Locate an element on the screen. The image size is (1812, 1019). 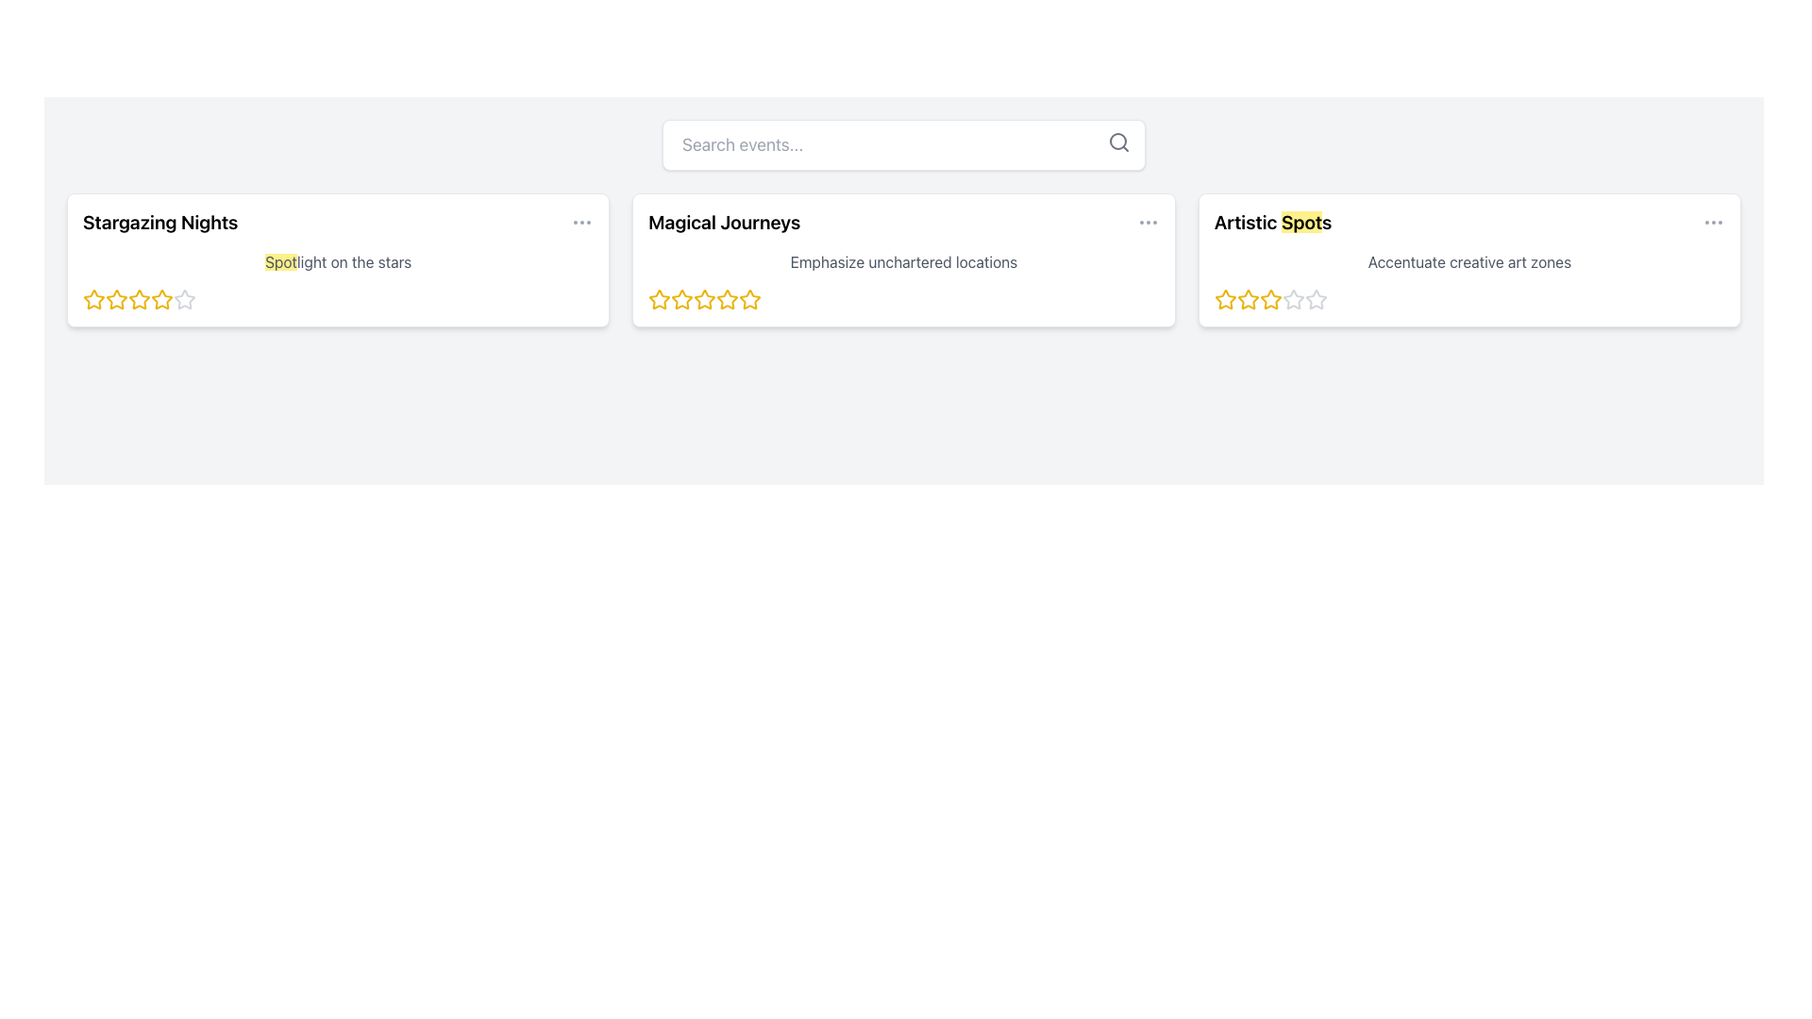
the fifth star icon in the rating system located under the text 'Stargazing Nights' is located at coordinates (185, 298).